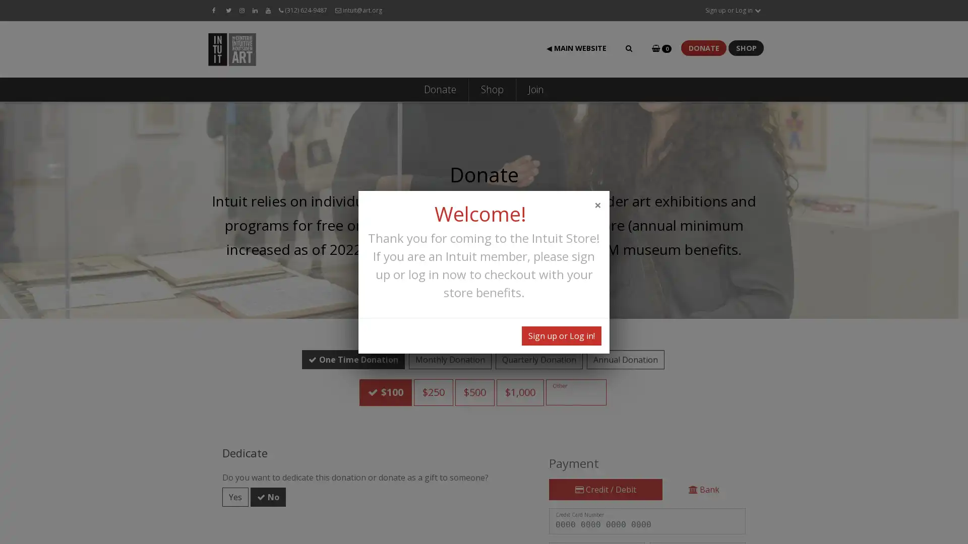 This screenshot has width=968, height=544. Describe the element at coordinates (597, 204) in the screenshot. I see `Close` at that location.